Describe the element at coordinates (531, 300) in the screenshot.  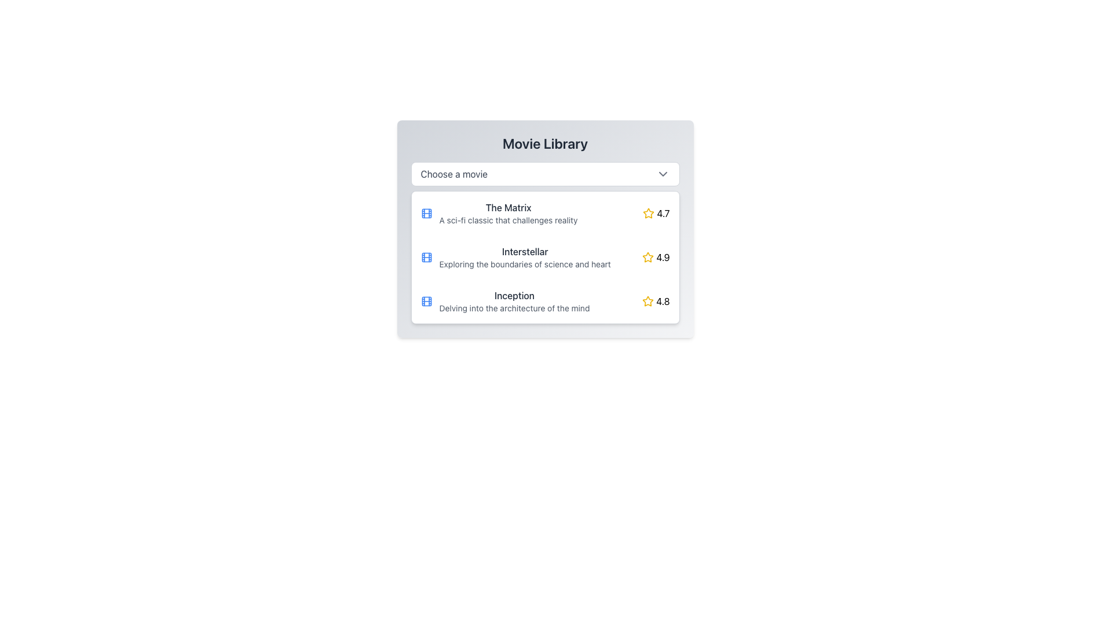
I see `the text label displaying 'Inception'` at that location.